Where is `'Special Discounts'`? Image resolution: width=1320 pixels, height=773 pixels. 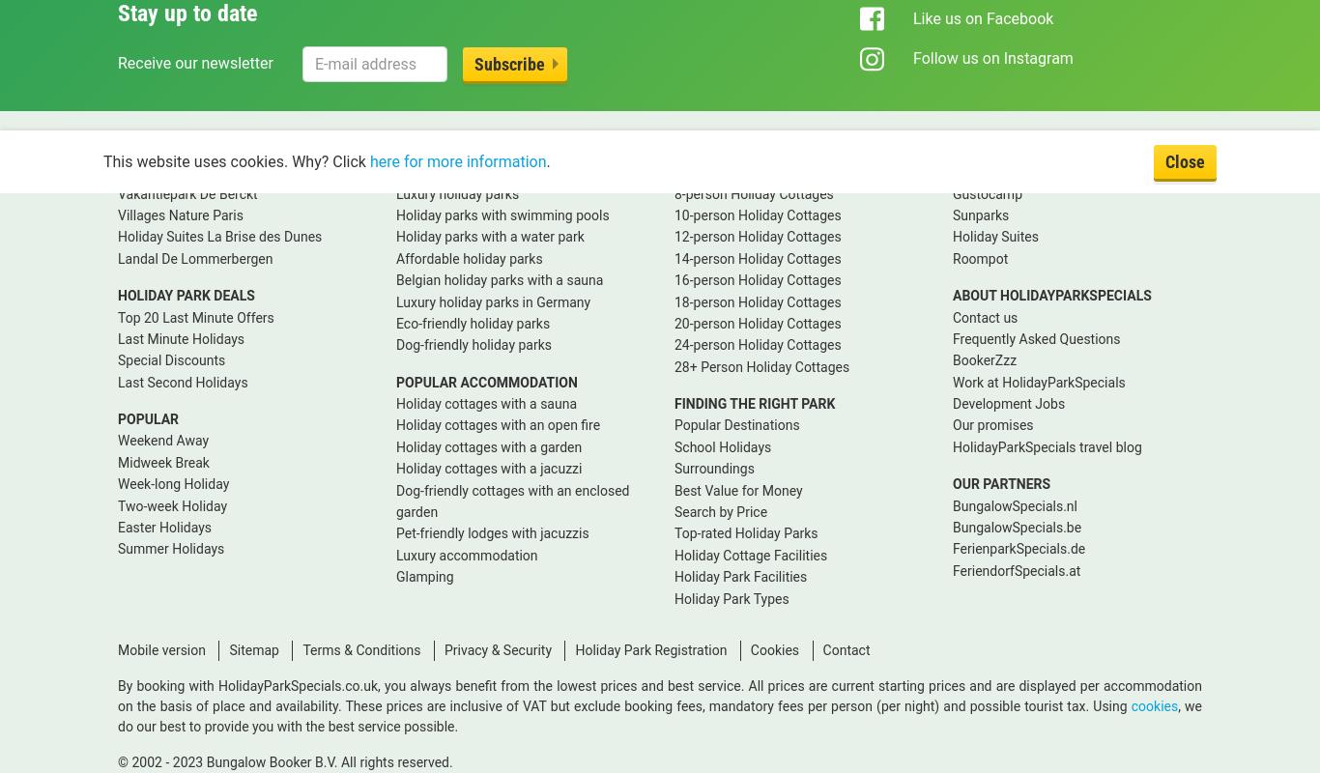 'Special Discounts' is located at coordinates (170, 358).